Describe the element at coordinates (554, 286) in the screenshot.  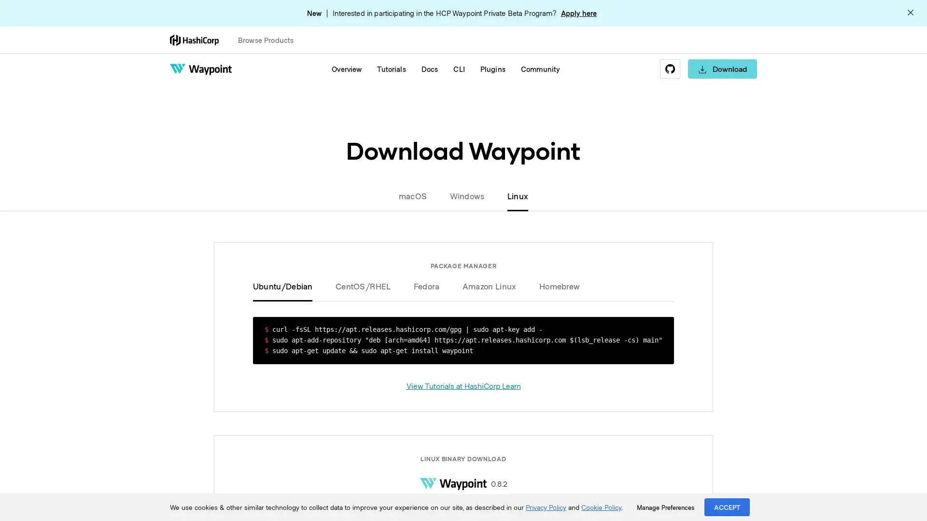
I see `Homebrew` at that location.